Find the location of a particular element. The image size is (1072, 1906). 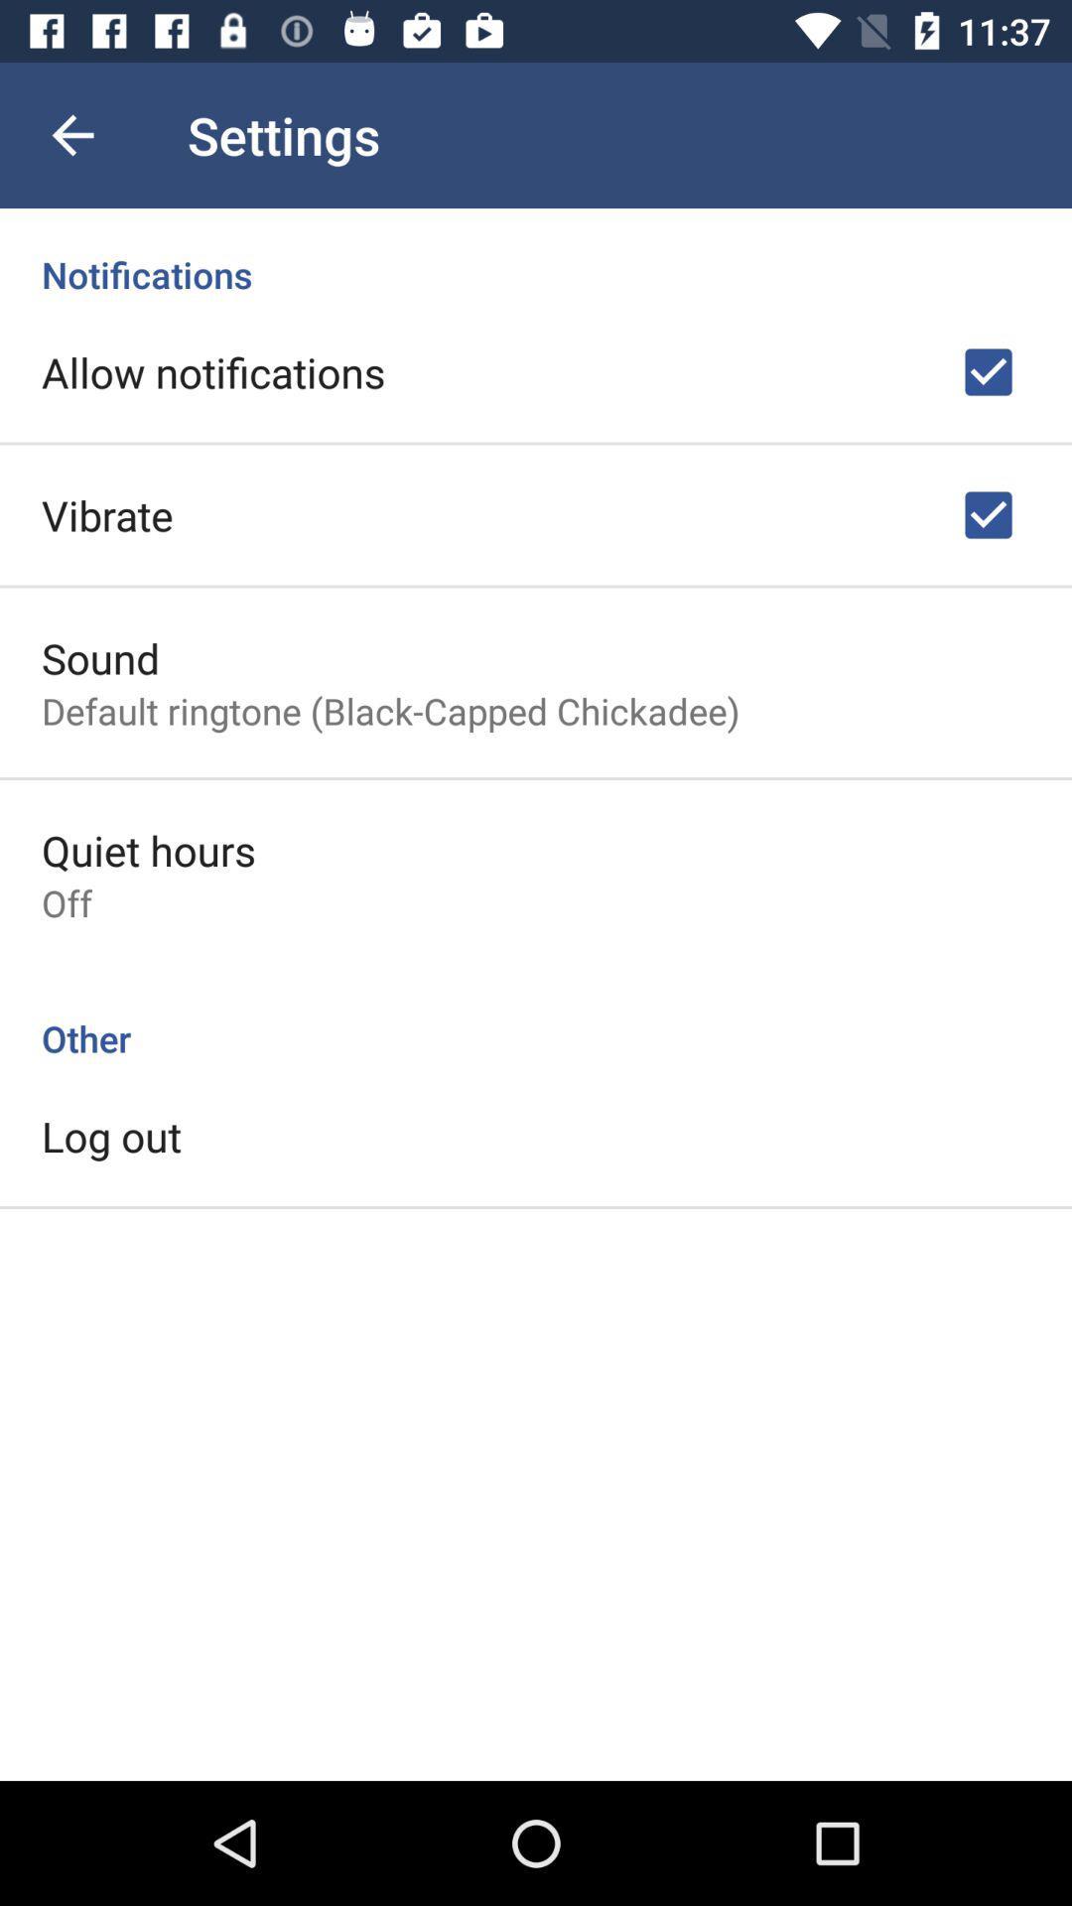

the item below the allow notifications is located at coordinates (107, 514).